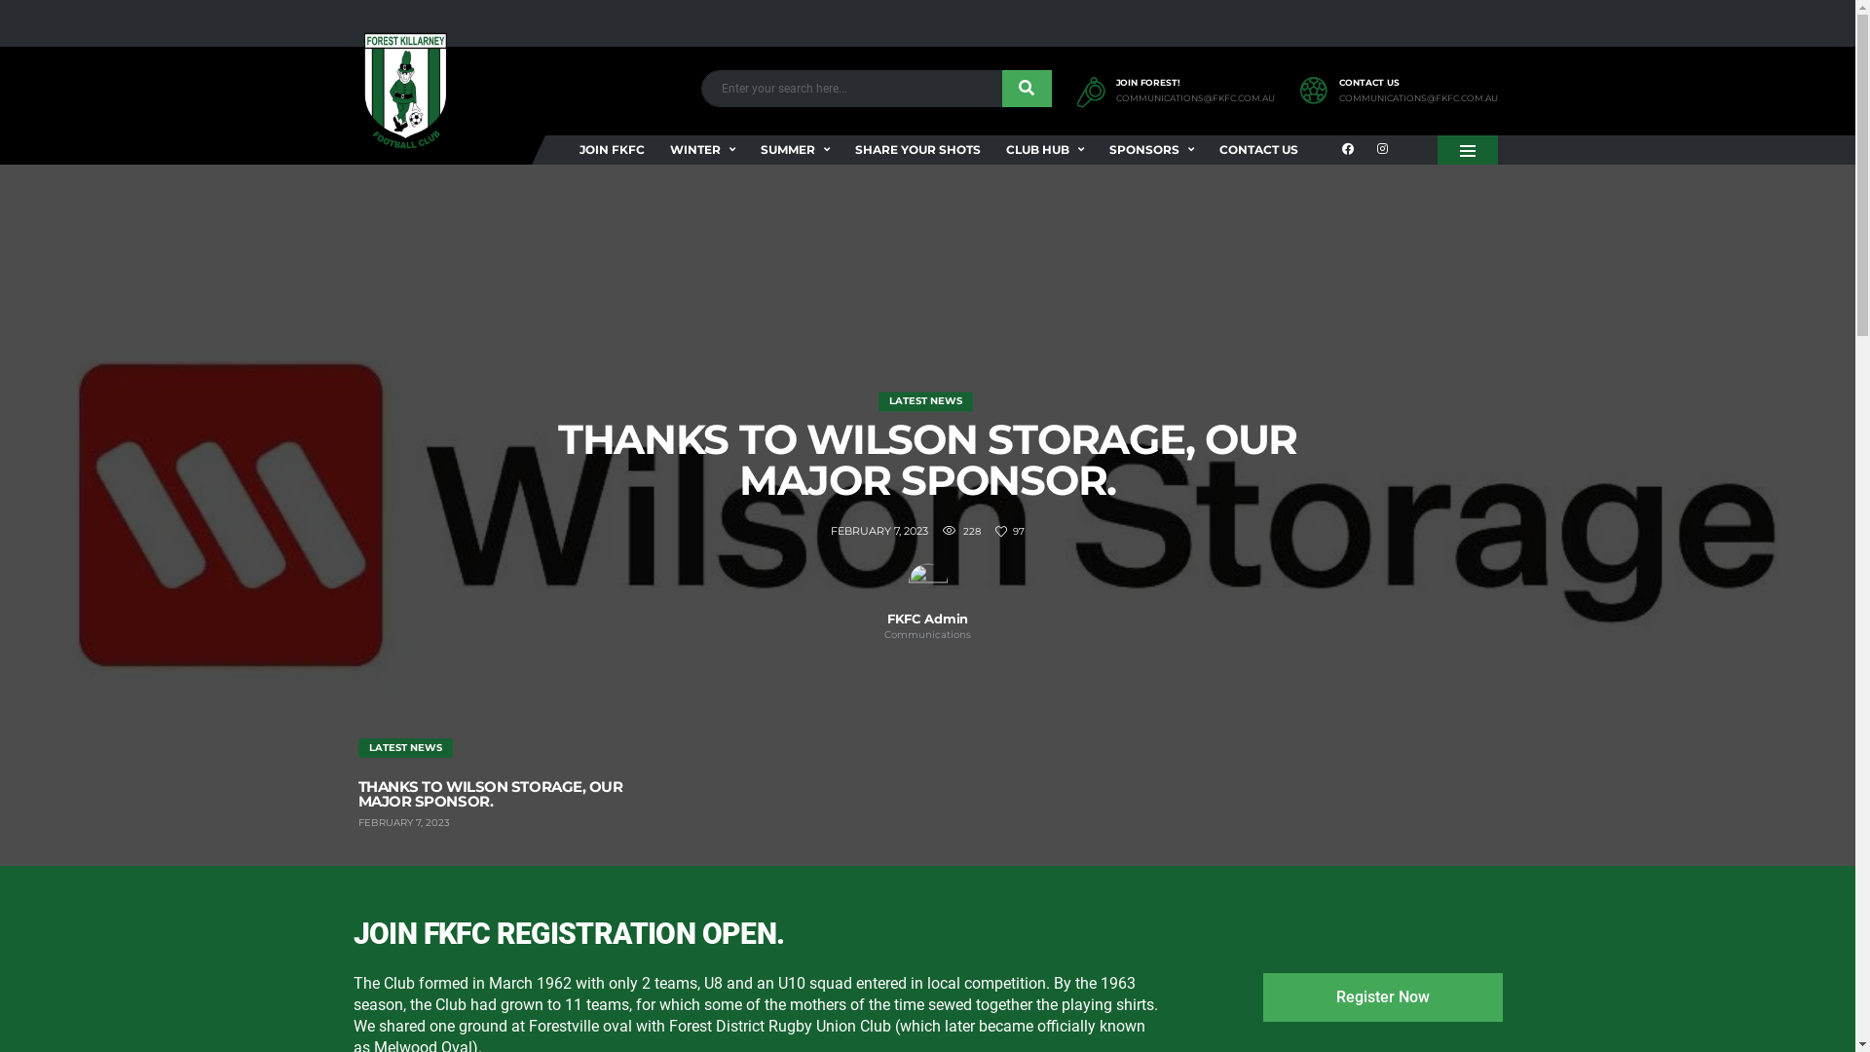  What do you see at coordinates (1257, 149) in the screenshot?
I see `'CONTACT US'` at bounding box center [1257, 149].